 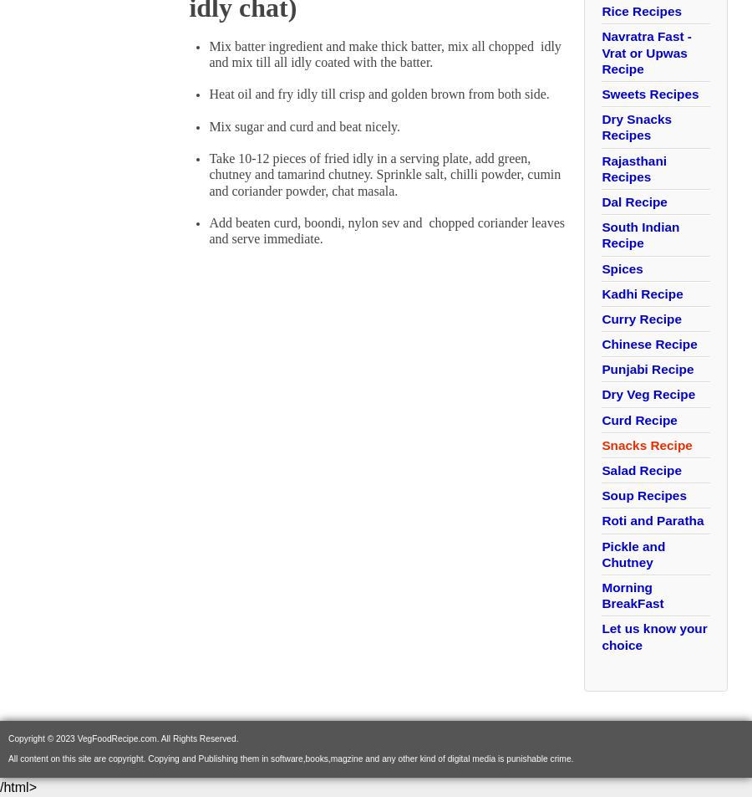 What do you see at coordinates (640, 470) in the screenshot?
I see `'Salad Recipe'` at bounding box center [640, 470].